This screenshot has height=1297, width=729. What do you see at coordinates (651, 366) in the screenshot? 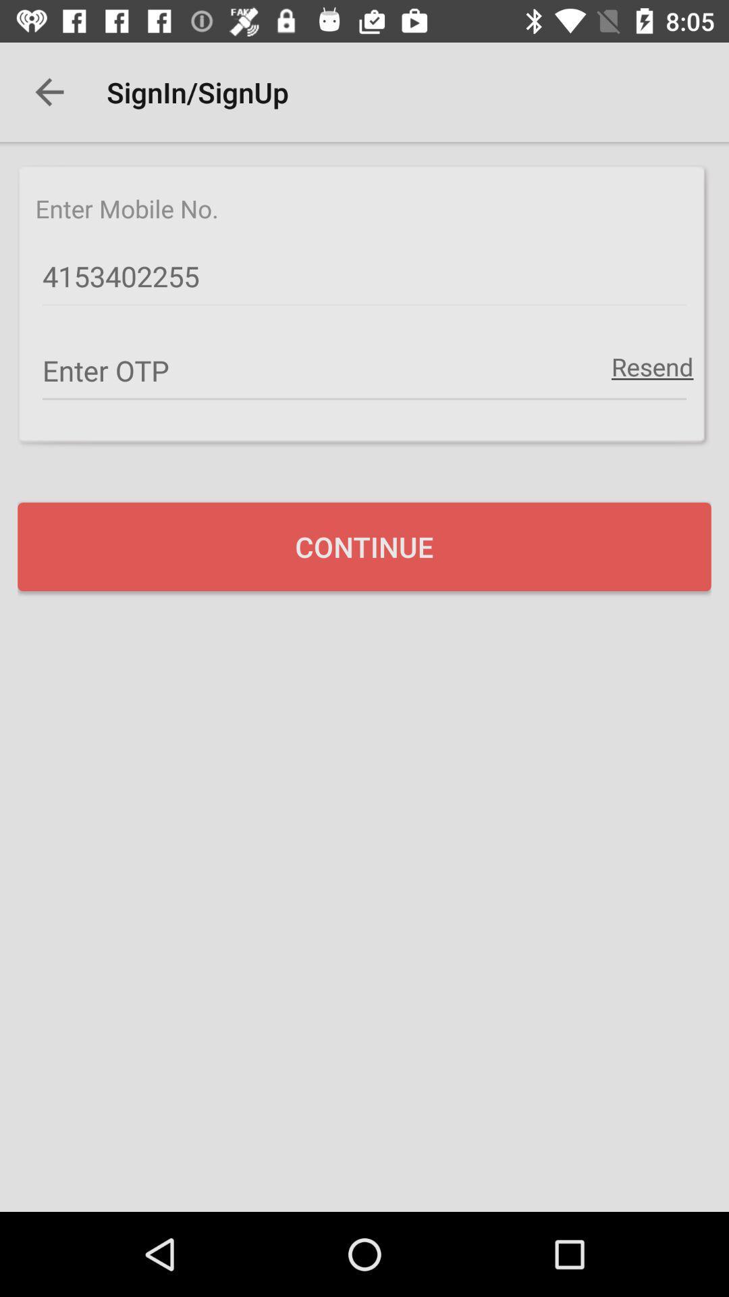
I see `item at the top right corner` at bounding box center [651, 366].